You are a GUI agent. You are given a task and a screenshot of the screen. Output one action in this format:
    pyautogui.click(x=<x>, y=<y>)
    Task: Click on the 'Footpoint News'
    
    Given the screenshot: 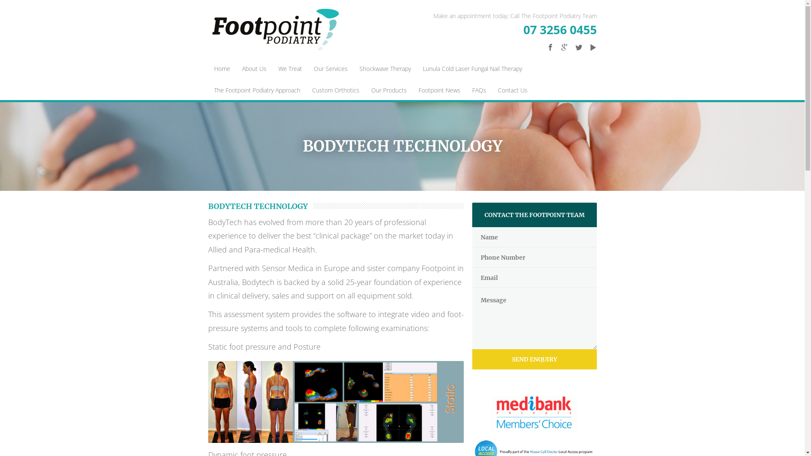 What is the action you would take?
    pyautogui.click(x=412, y=91)
    